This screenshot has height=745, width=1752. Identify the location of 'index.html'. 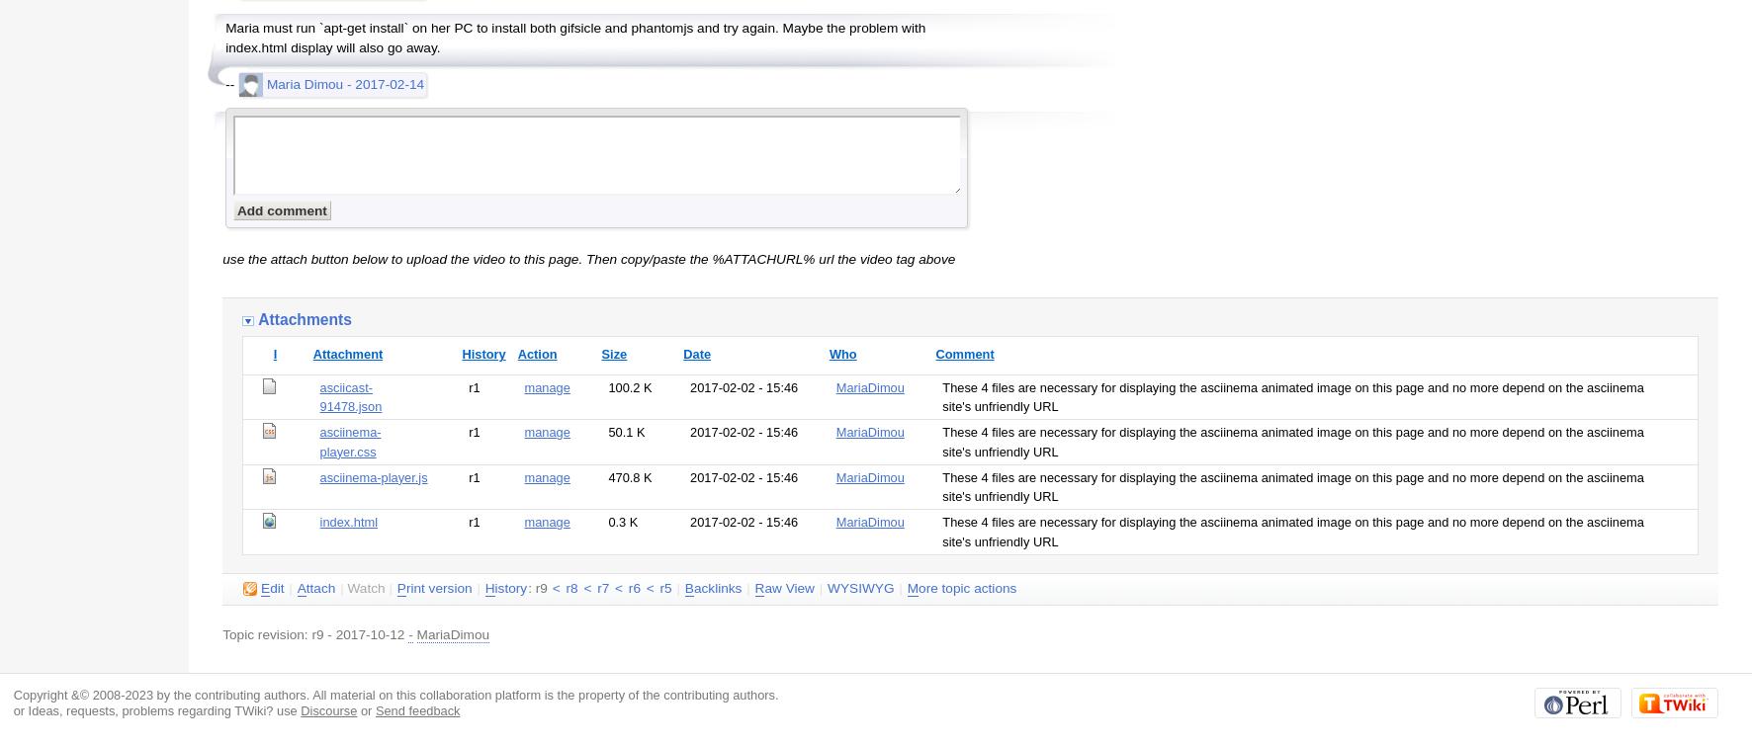
(348, 522).